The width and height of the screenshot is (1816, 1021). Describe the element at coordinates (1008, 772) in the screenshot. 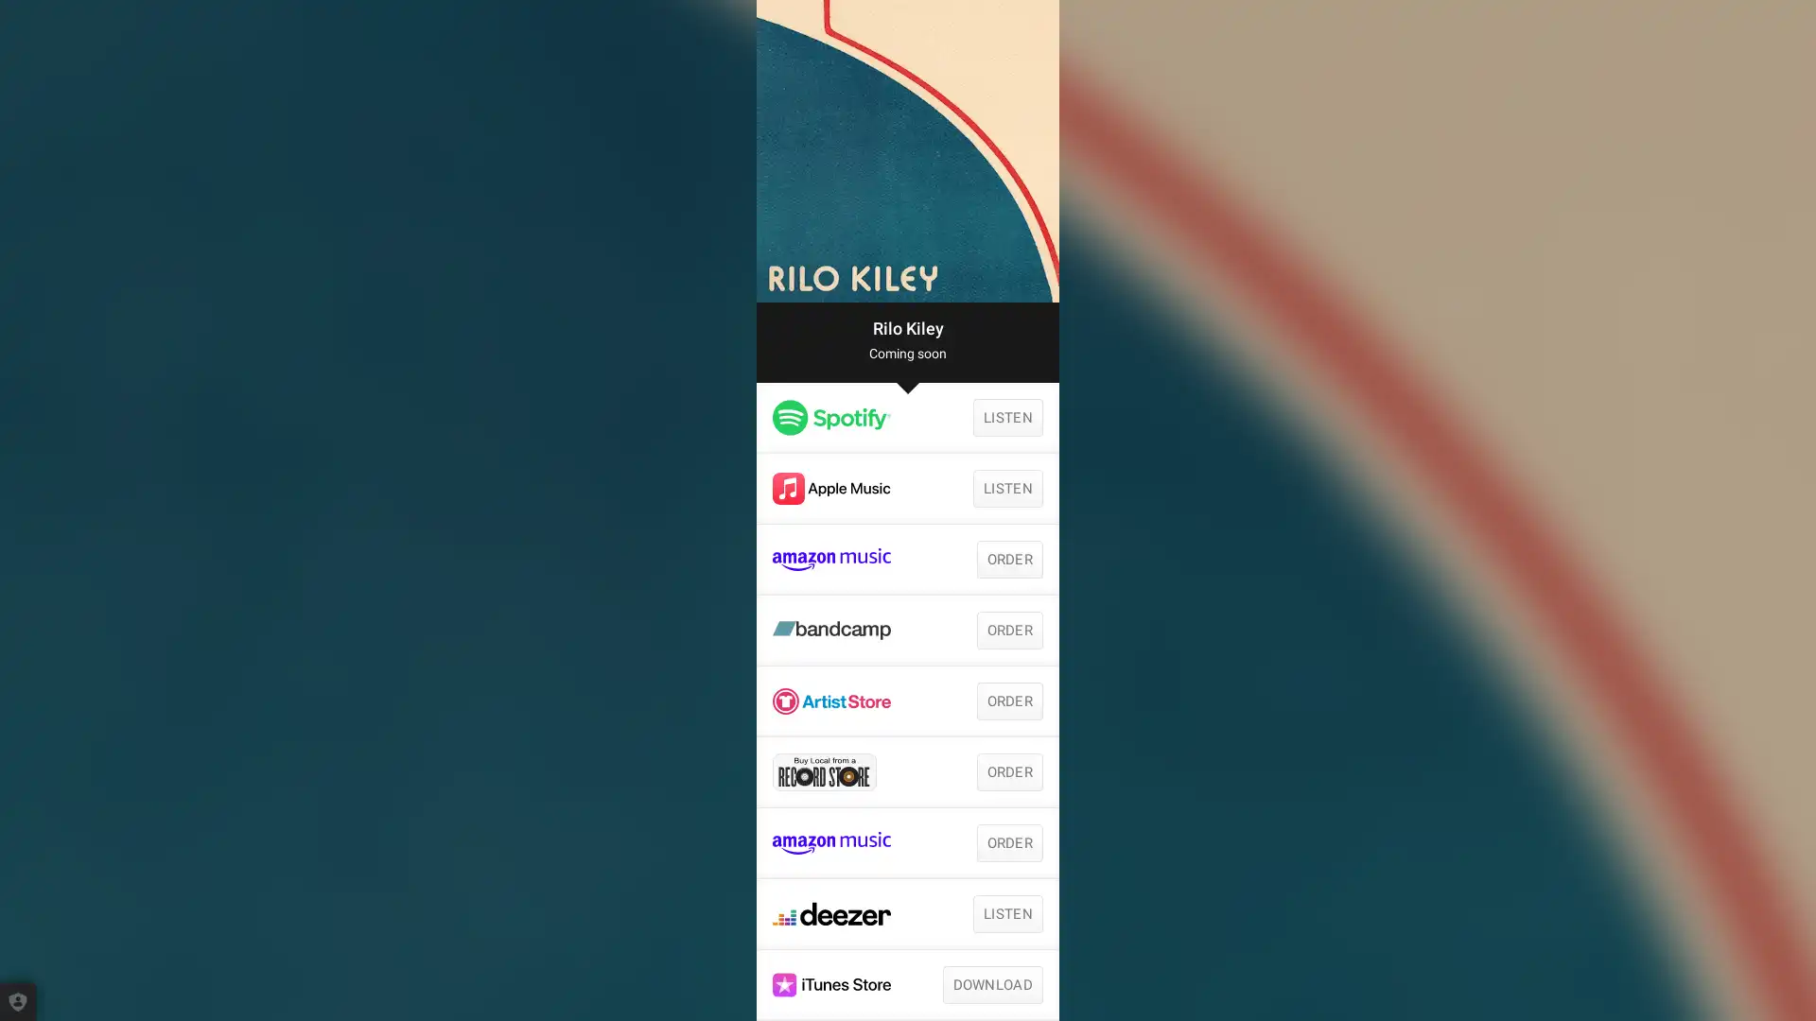

I see `ORDER` at that location.